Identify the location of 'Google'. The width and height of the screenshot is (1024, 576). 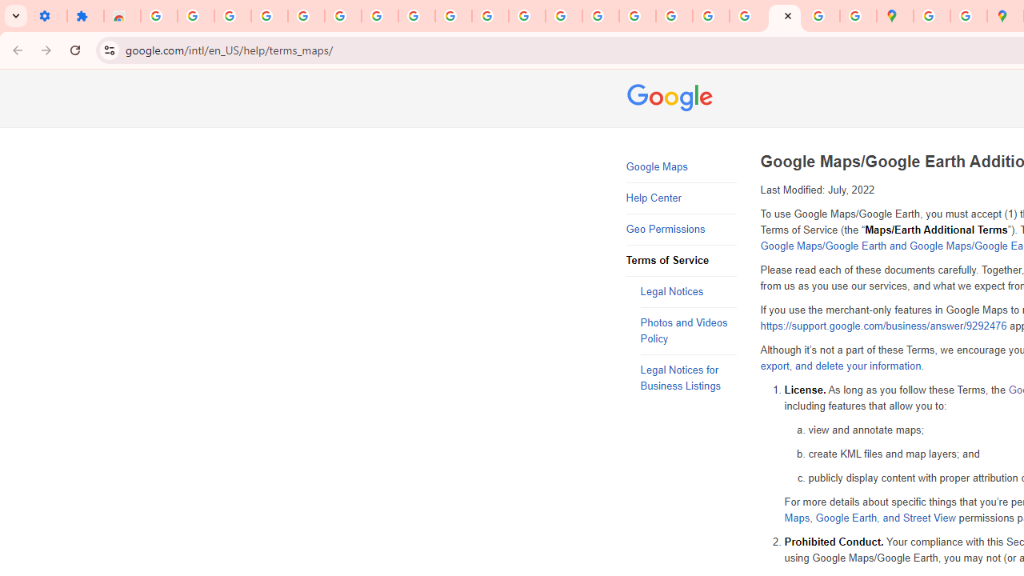
(672, 99).